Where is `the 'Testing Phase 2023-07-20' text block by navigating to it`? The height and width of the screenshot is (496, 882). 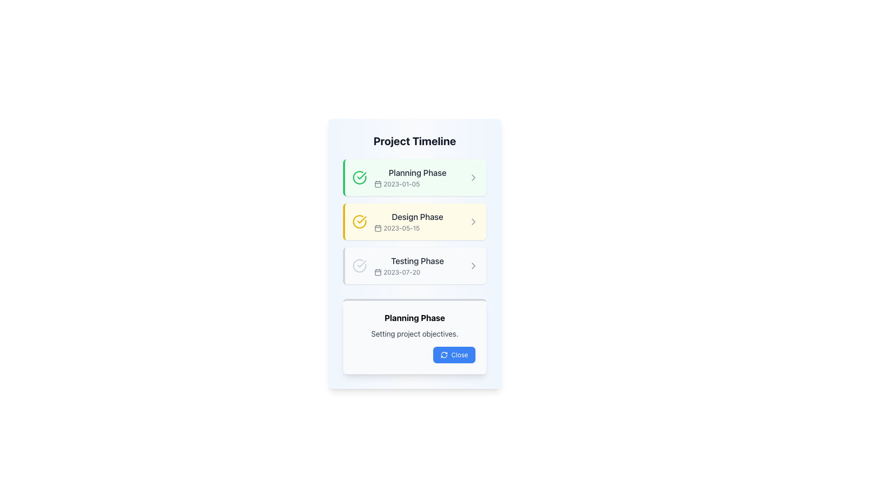 the 'Testing Phase 2023-07-20' text block by navigating to it is located at coordinates (417, 265).